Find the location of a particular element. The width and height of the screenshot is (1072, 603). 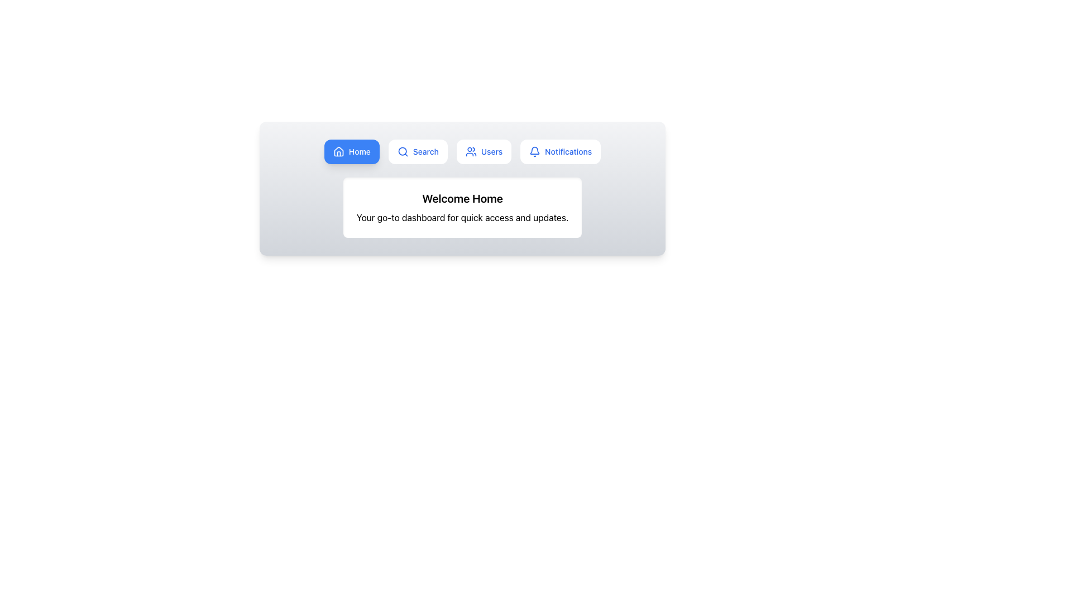

the first button on the left in the horizontal row of four buttons is located at coordinates (351, 152).